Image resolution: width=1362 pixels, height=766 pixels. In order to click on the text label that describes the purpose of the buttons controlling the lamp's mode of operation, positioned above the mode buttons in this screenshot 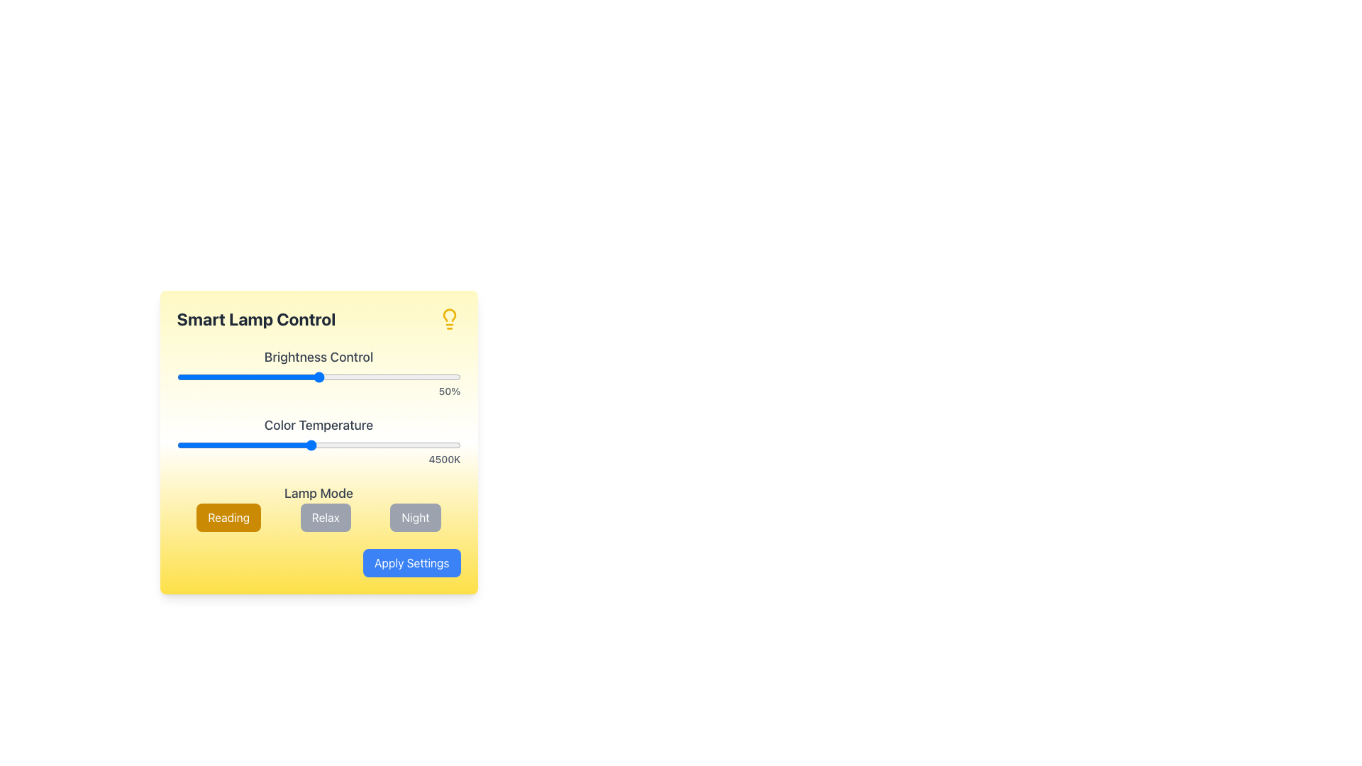, I will do `click(318, 492)`.